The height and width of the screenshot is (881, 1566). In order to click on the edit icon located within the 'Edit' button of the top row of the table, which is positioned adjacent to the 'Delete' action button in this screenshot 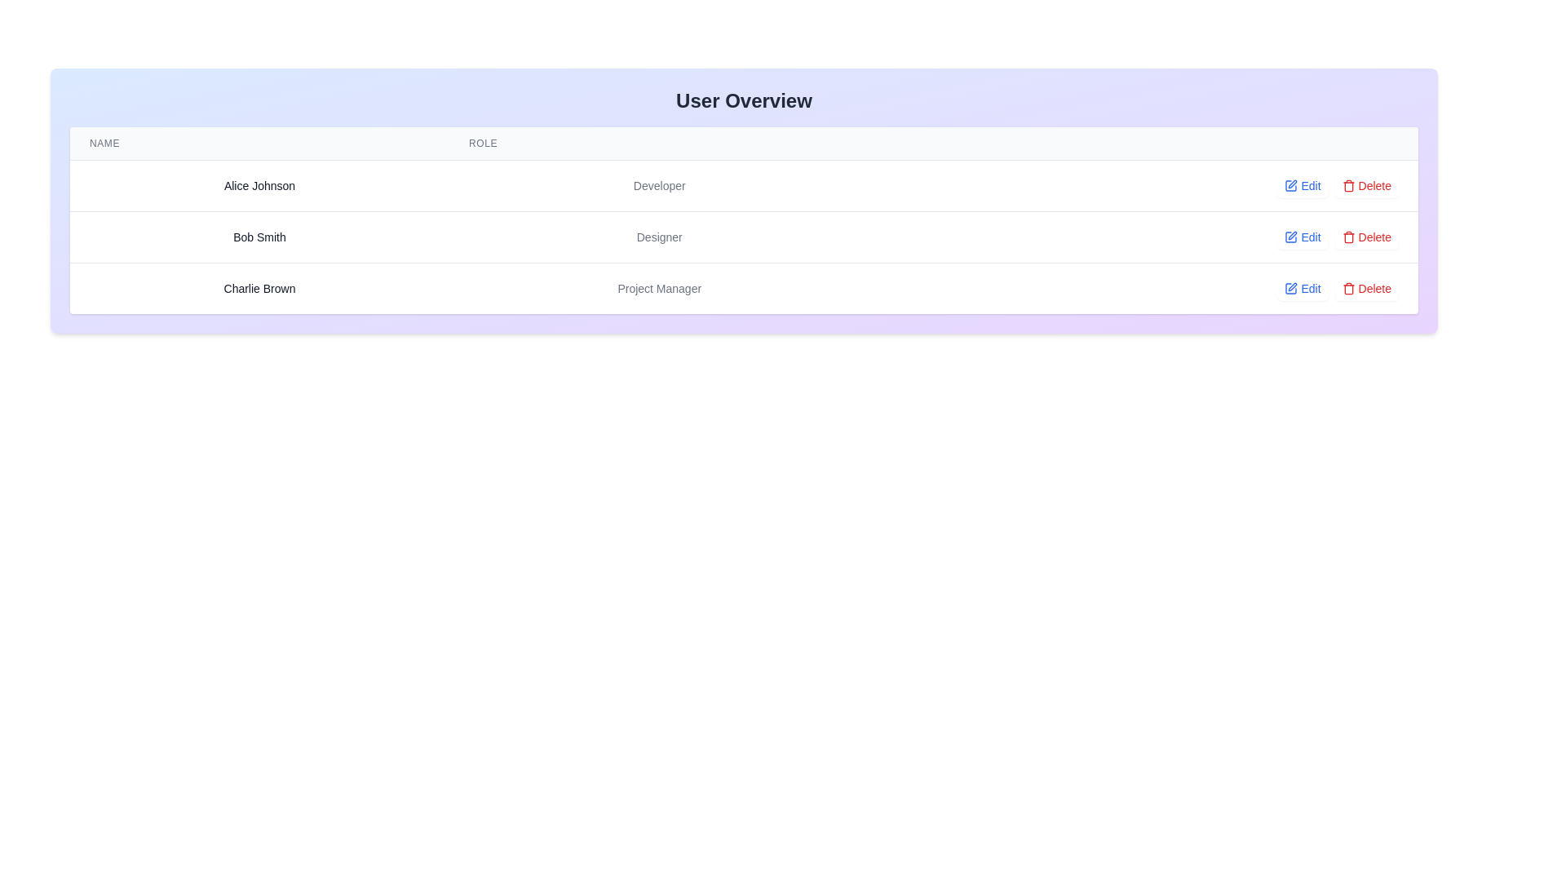, I will do `click(1290, 184)`.